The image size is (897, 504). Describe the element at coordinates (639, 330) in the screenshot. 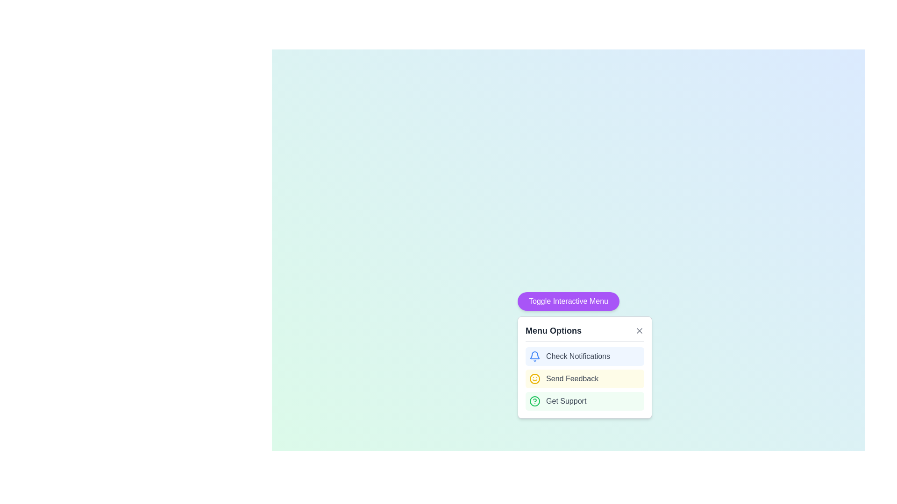

I see `the close button shaped like an 'X' located in the upper-right corner of the 'Menu Options' section` at that location.